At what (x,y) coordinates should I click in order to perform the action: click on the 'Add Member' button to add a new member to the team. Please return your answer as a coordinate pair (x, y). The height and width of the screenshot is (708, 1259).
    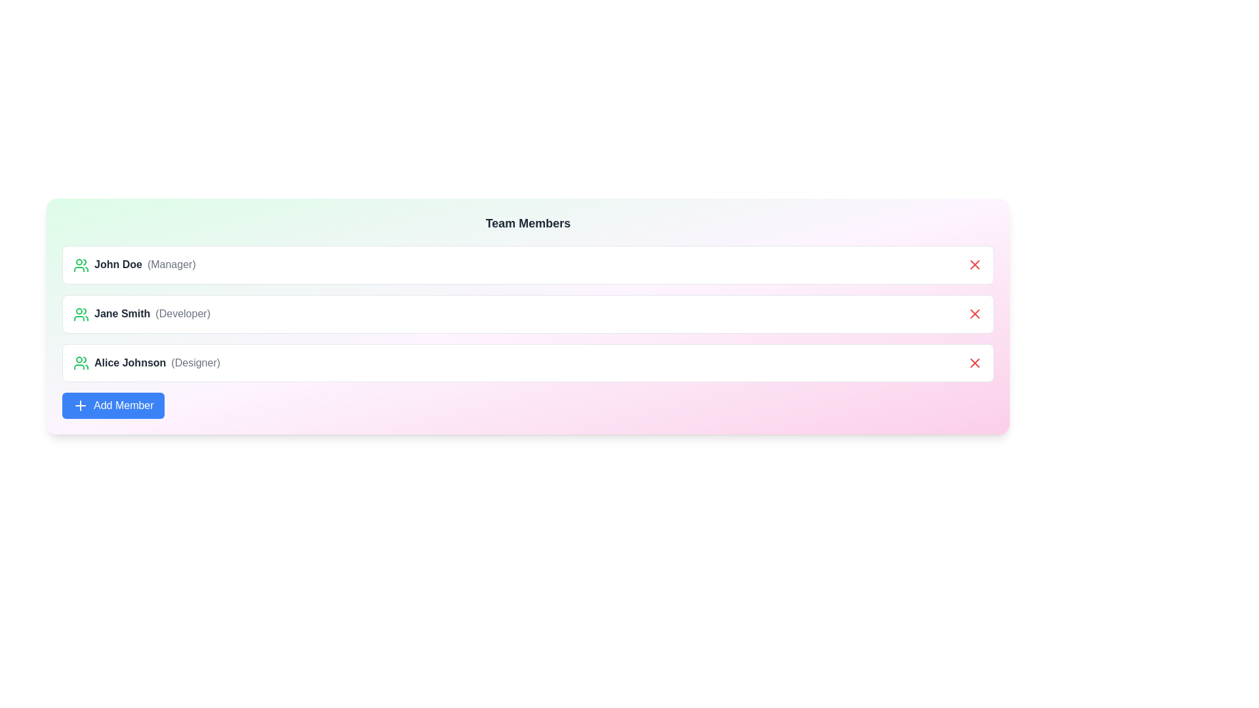
    Looking at the image, I should click on (113, 404).